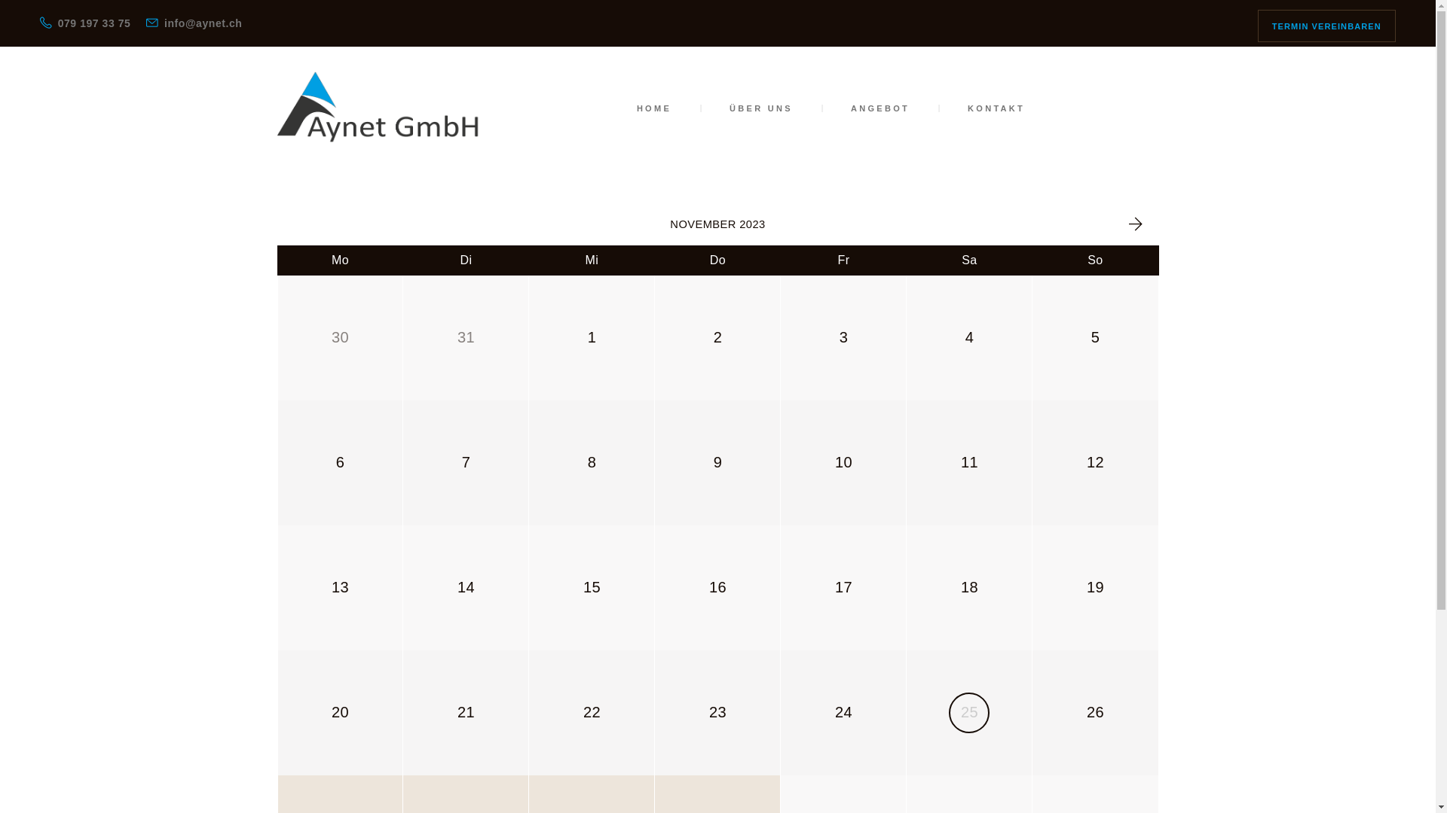 This screenshot has height=813, width=1447. Describe the element at coordinates (938, 107) in the screenshot. I see `'KONTAKT'` at that location.